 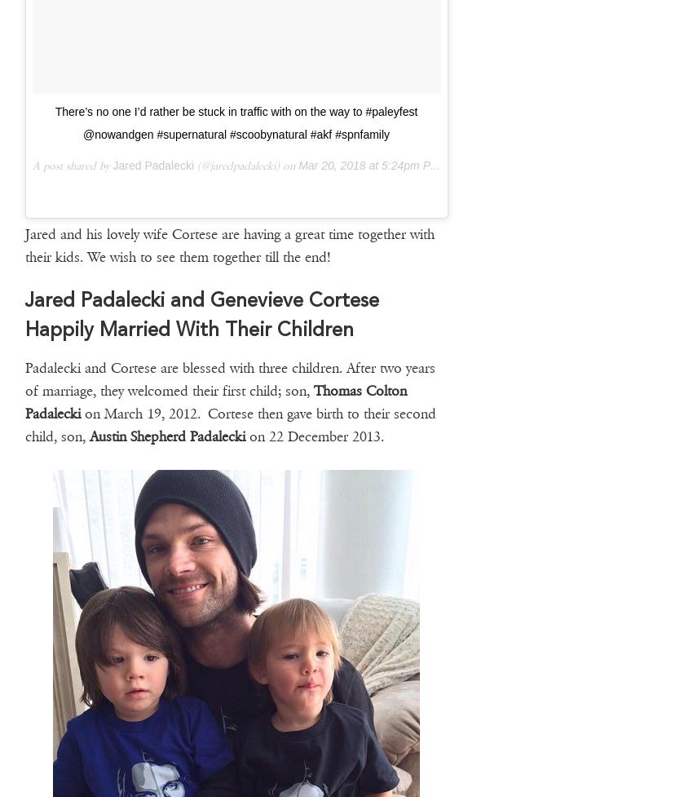 I want to click on 'Jared Padalecki and Genevieve Cortese Happily Married With Their Children', so click(x=201, y=314).